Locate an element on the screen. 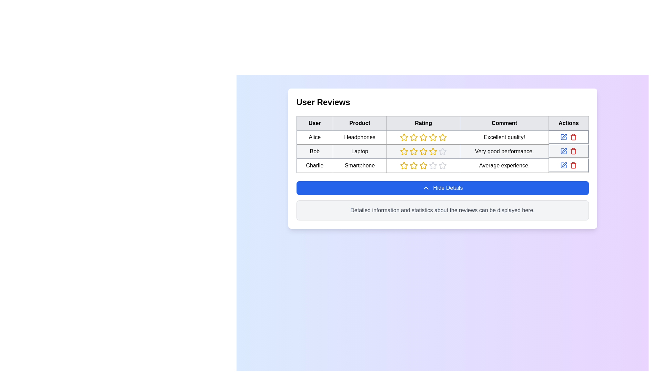 The width and height of the screenshot is (662, 372). the highlighted yellow star-shaped icon is located at coordinates (414, 137).